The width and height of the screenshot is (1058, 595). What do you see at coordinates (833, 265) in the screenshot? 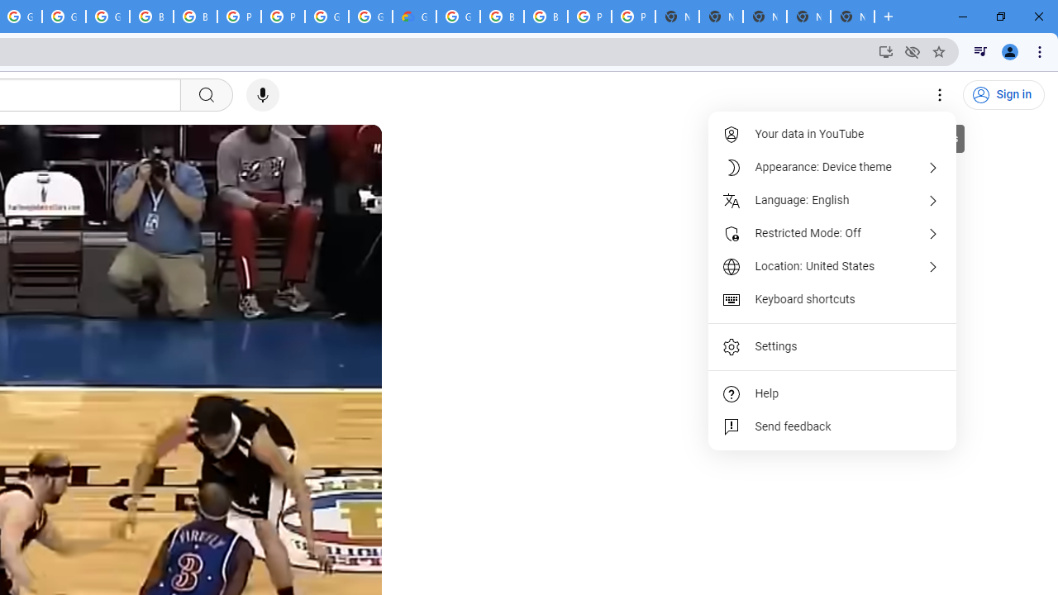
I see `'Location: United States'` at bounding box center [833, 265].